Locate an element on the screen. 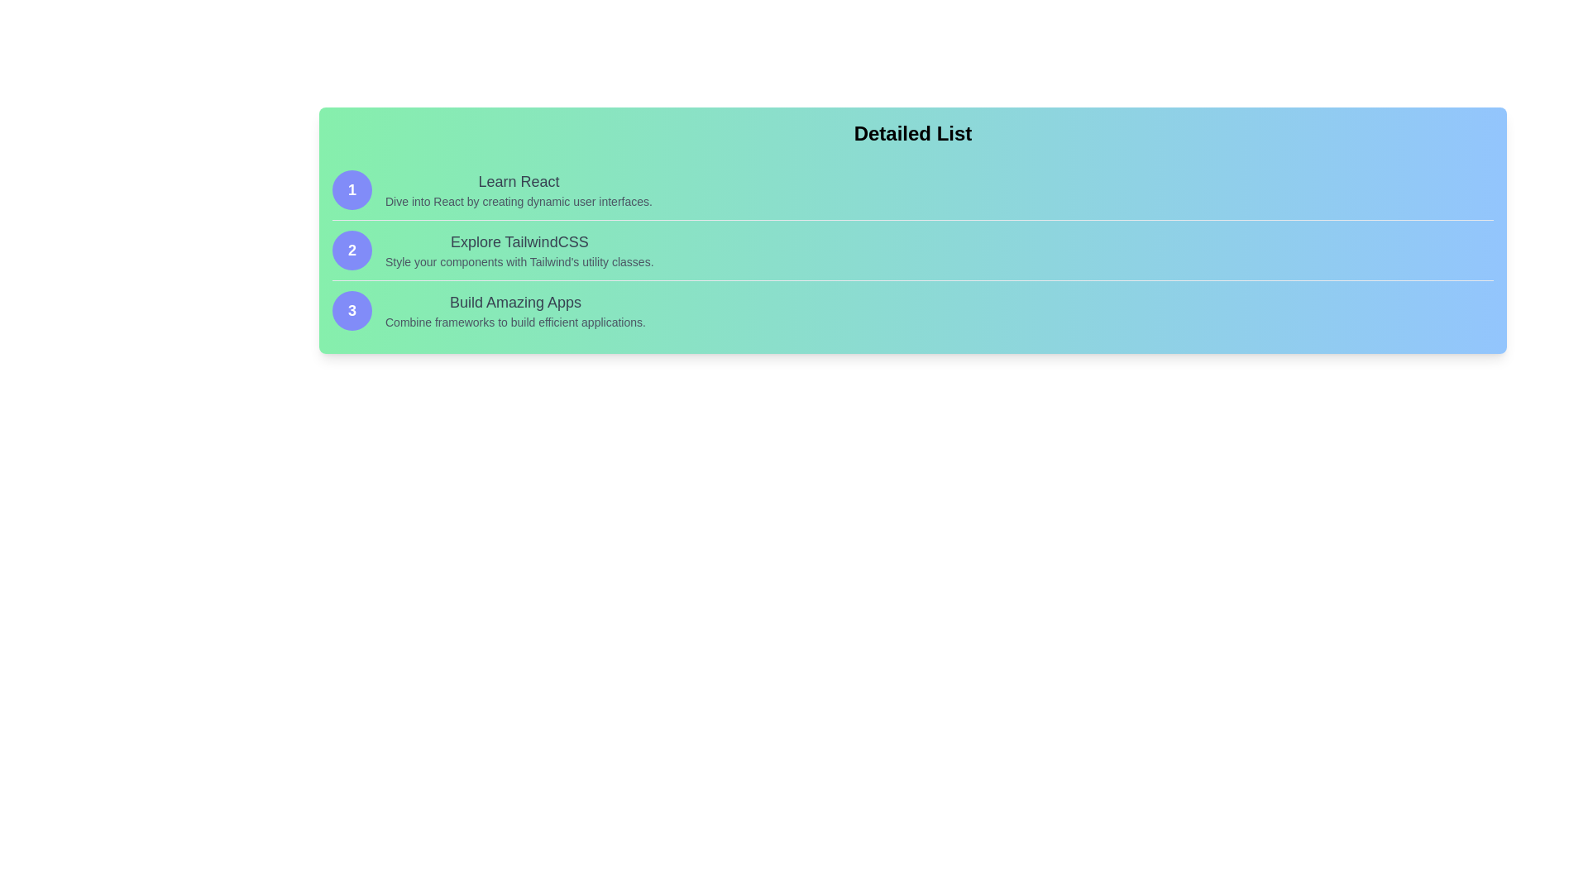 The image size is (1588, 893). text content of the text label displaying 'Explore TailwindCSS', which is a medium-sized gray header positioned at the top of the second section in a vertically arranged list is located at coordinates (519, 242).